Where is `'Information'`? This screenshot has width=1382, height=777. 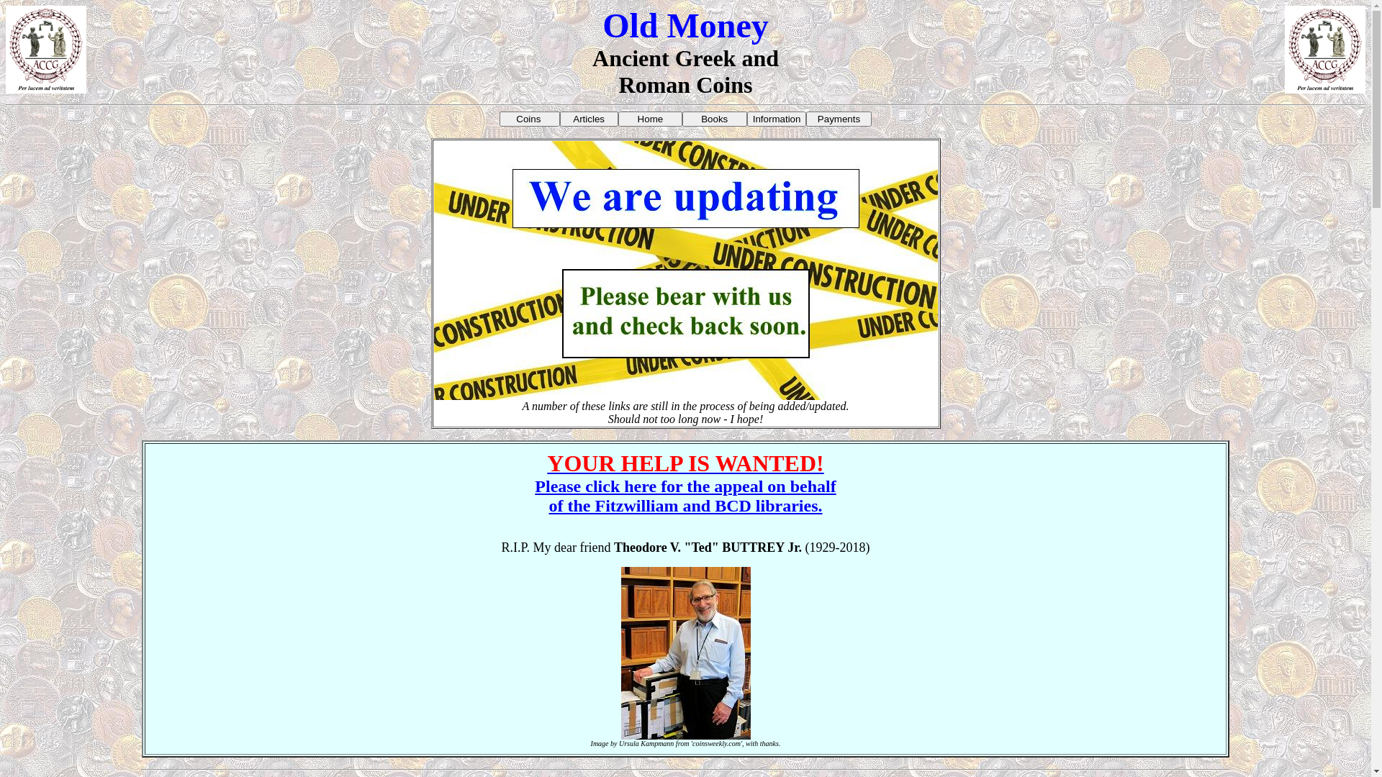 'Information' is located at coordinates (776, 118).